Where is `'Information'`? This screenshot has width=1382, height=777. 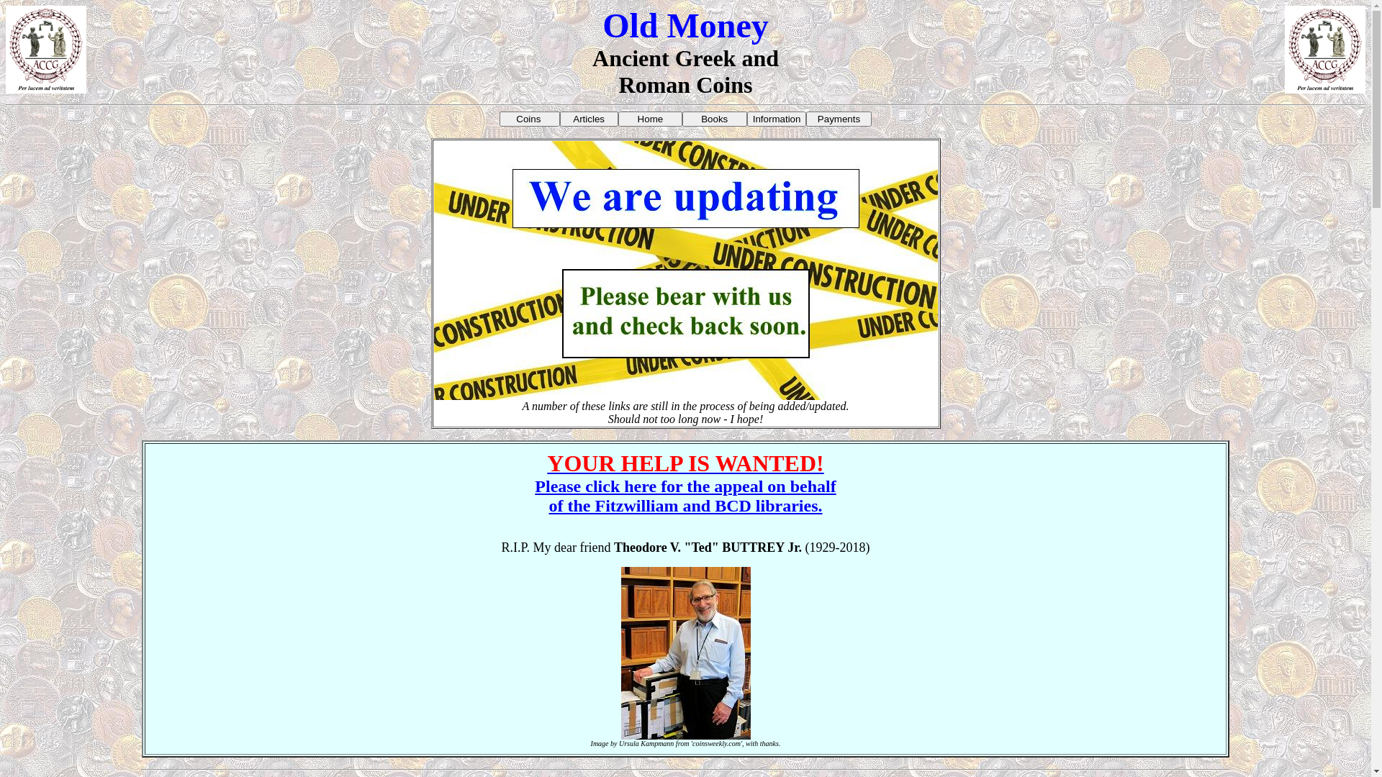 'Information' is located at coordinates (776, 118).